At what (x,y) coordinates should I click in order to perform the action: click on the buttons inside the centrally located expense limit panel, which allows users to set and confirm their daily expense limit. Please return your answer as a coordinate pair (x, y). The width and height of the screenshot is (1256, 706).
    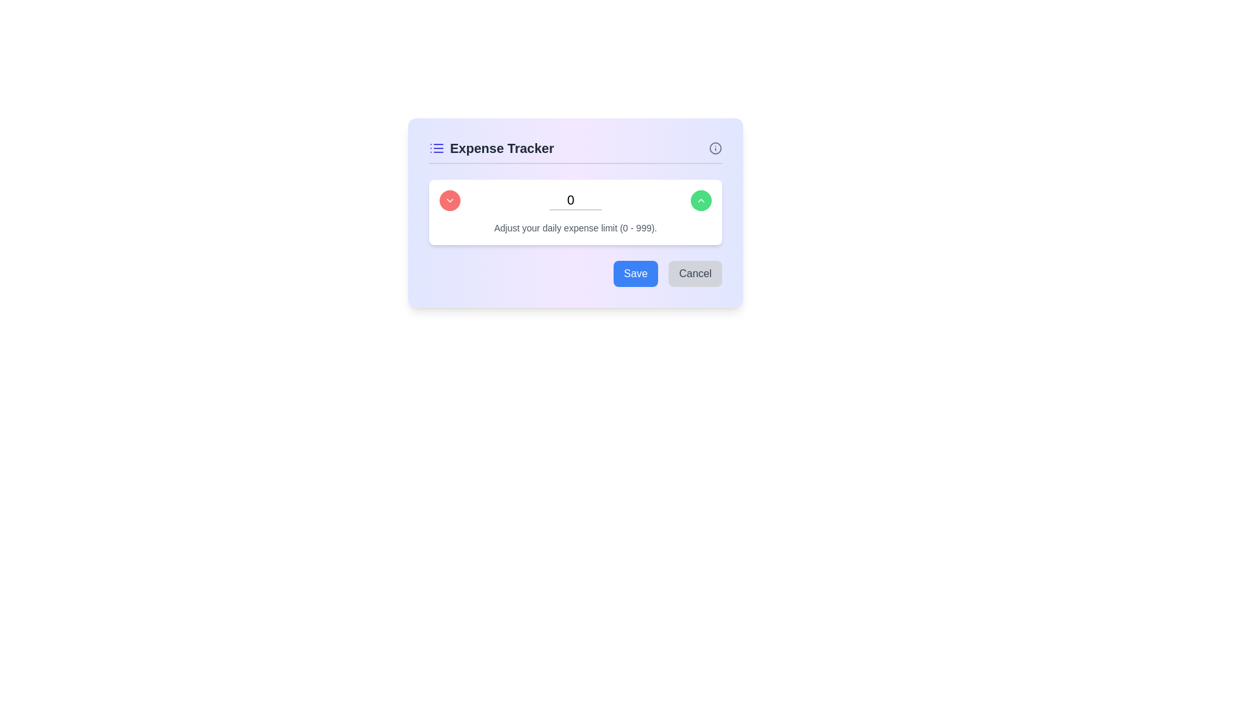
    Looking at the image, I should click on (575, 212).